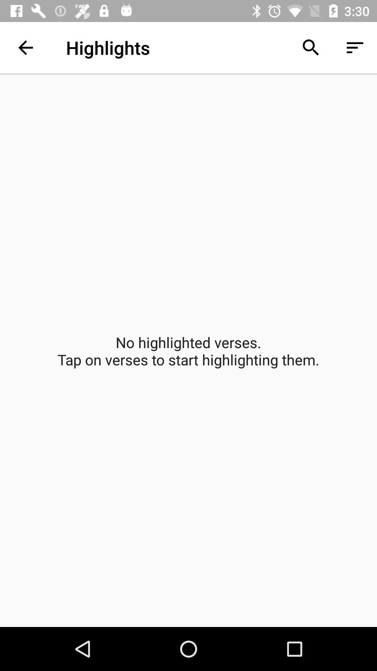 This screenshot has width=377, height=671. What do you see at coordinates (25, 47) in the screenshot?
I see `the item next to highlights` at bounding box center [25, 47].